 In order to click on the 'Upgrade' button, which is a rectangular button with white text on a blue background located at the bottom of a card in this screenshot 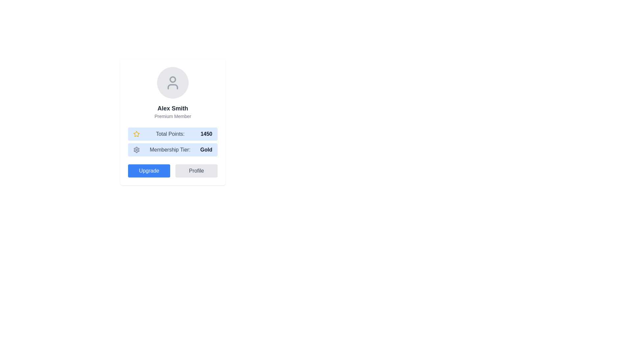, I will do `click(148, 171)`.